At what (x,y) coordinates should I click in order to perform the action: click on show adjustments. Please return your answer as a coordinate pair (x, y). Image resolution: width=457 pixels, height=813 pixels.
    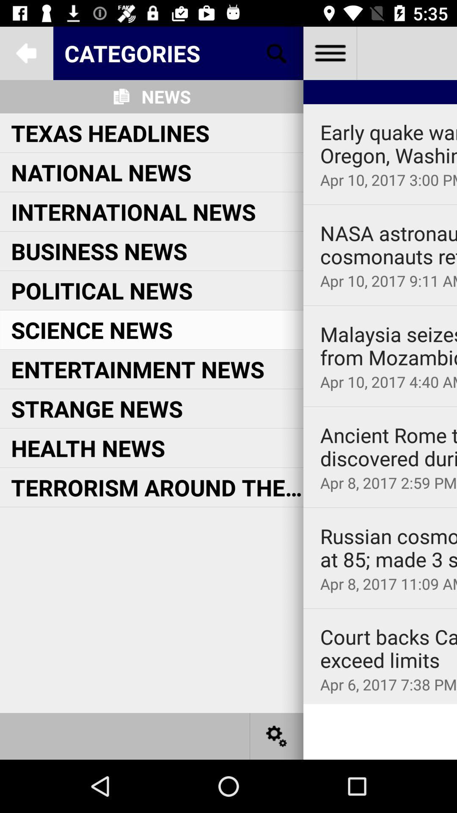
    Looking at the image, I should click on (277, 736).